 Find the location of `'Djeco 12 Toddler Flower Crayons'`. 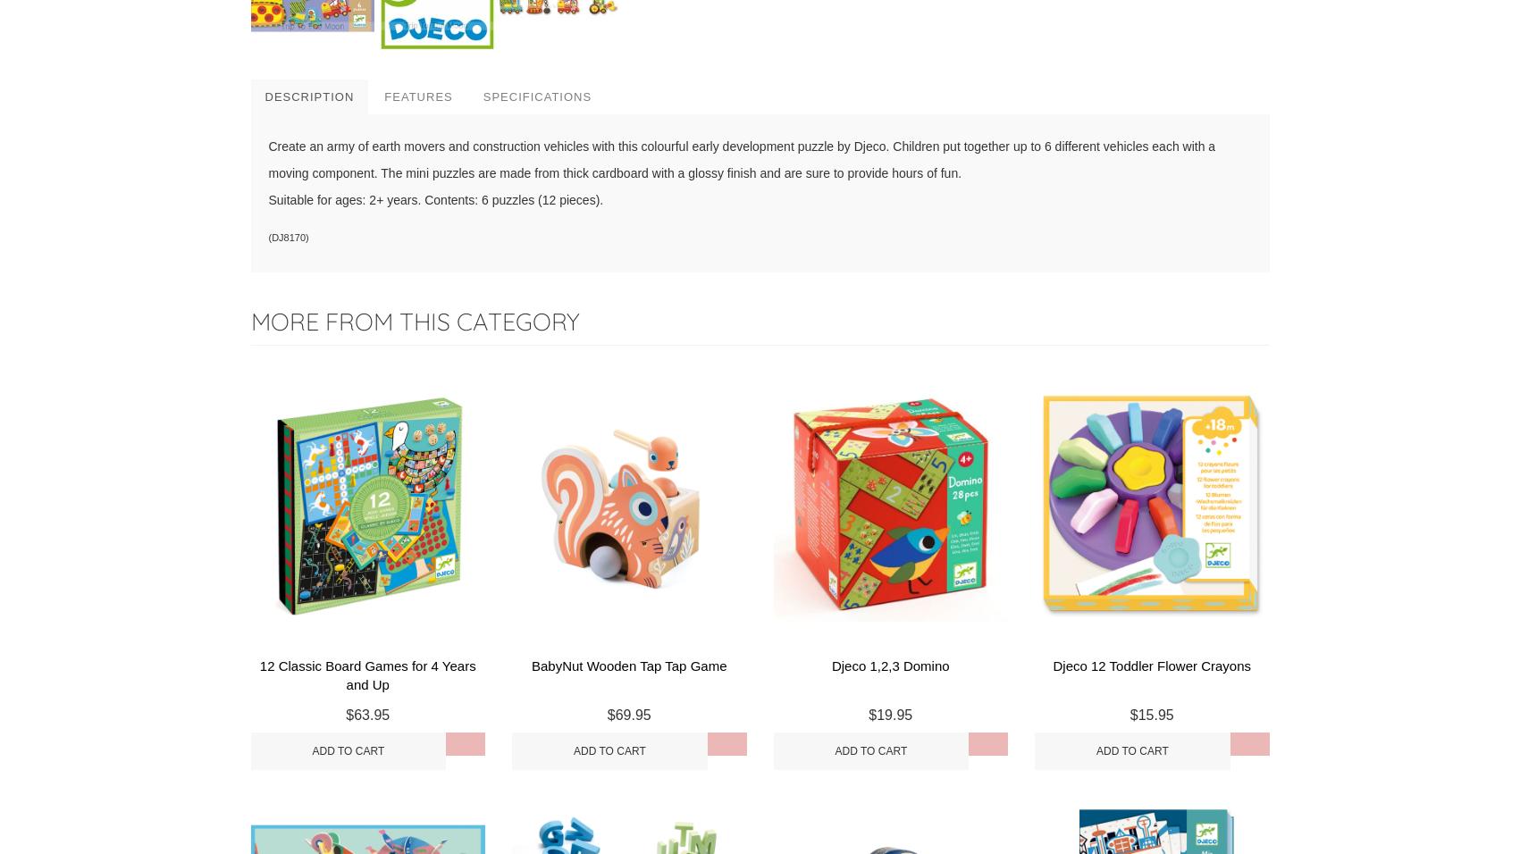

'Djeco 12 Toddler Flower Crayons' is located at coordinates (1152, 665).